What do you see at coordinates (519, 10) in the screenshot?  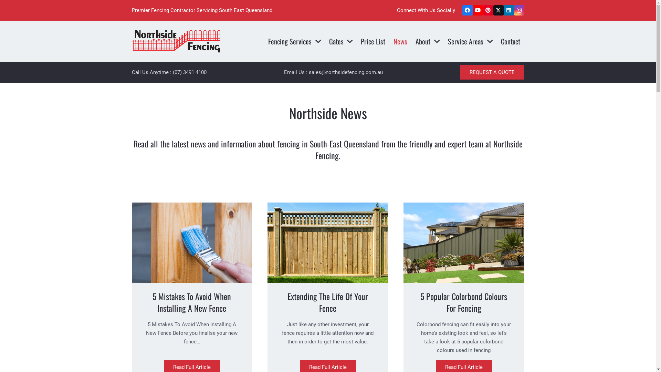 I see `'Instagram'` at bounding box center [519, 10].